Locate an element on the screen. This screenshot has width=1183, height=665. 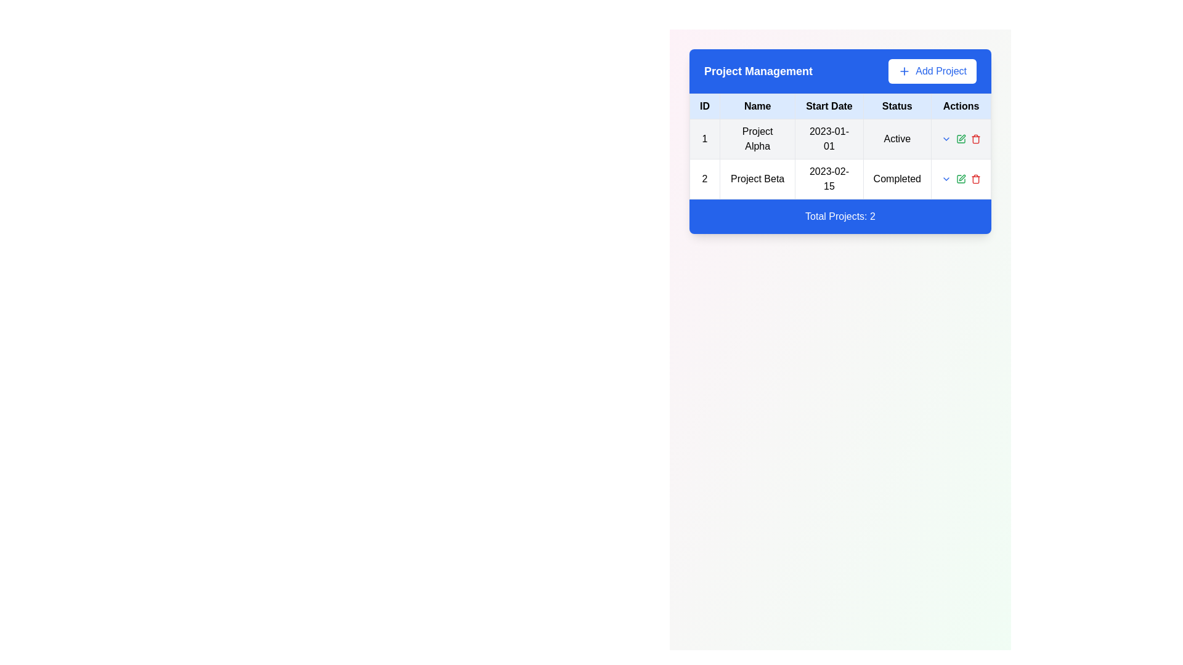
the blue-colored text label reading 'Add Project' located in the top-right corner of the main content section, adjacent to a white button with a plus sign is located at coordinates (940, 71).